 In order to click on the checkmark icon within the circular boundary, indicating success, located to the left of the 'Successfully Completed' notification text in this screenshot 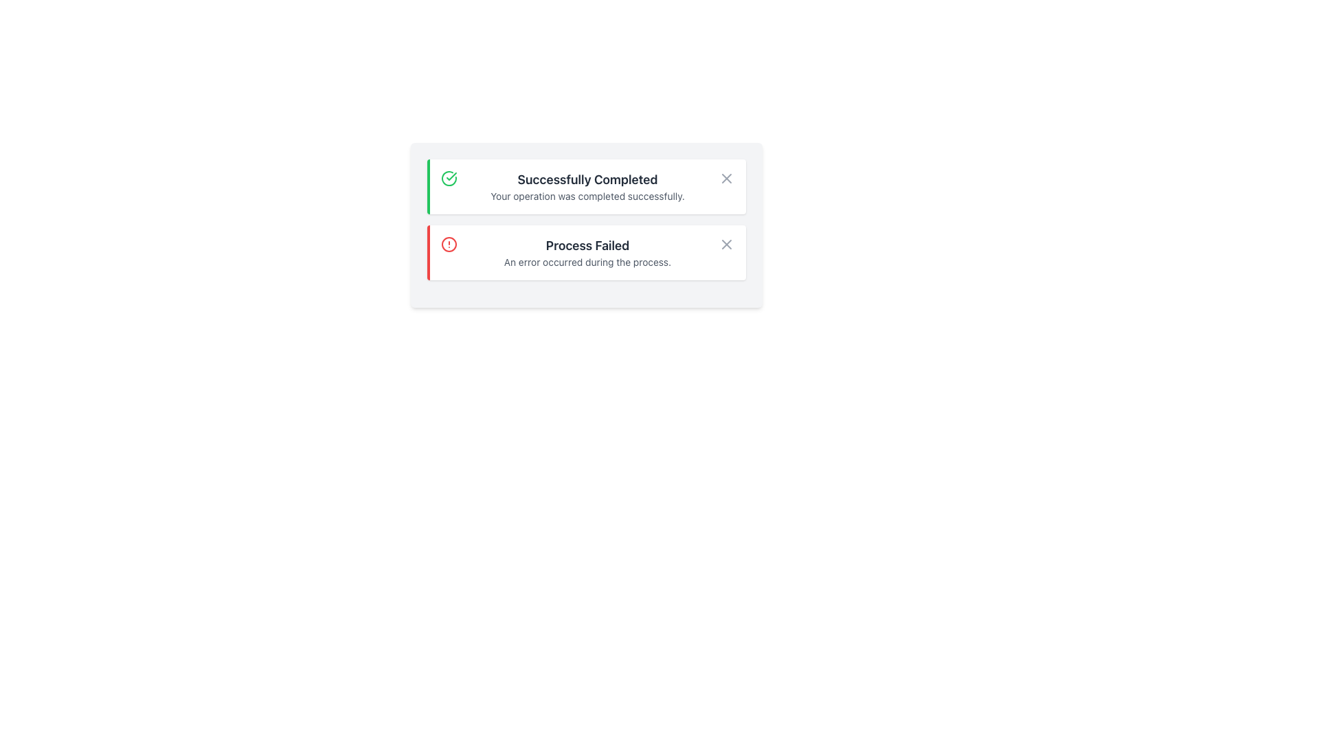, I will do `click(451, 176)`.